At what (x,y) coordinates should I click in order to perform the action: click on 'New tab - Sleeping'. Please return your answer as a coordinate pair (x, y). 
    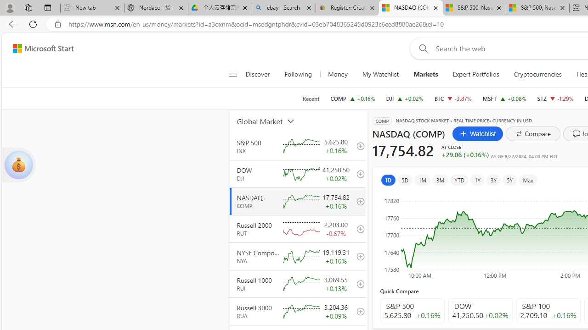
    Looking at the image, I should click on (92, 8).